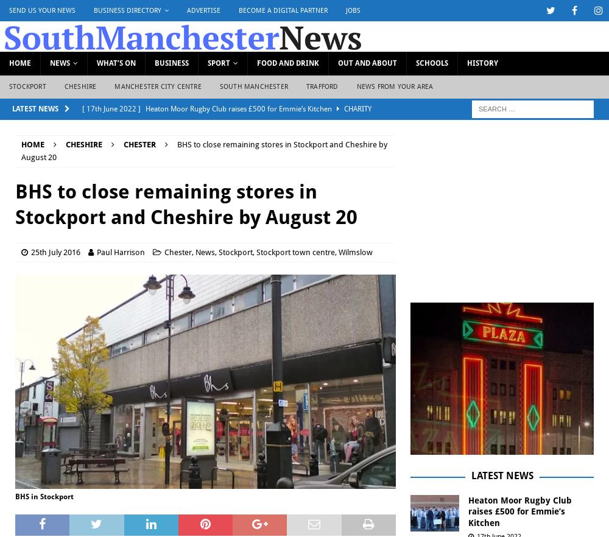  What do you see at coordinates (195, 251) in the screenshot?
I see `'News'` at bounding box center [195, 251].